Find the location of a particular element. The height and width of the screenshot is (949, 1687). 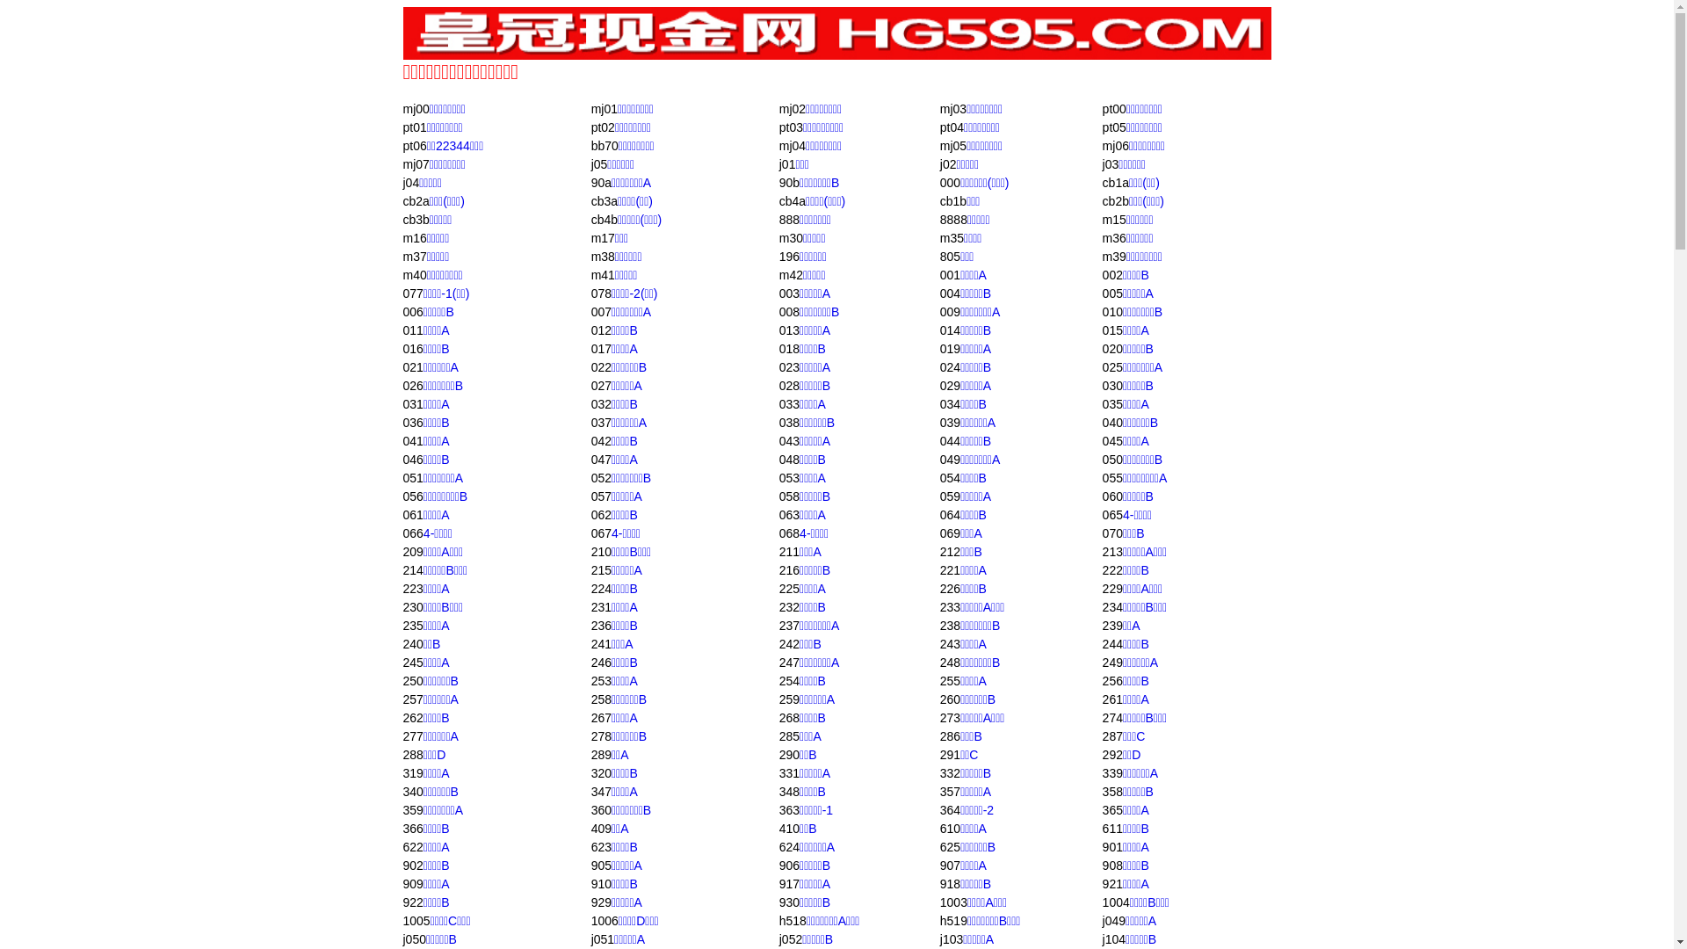

'068' is located at coordinates (788, 532).